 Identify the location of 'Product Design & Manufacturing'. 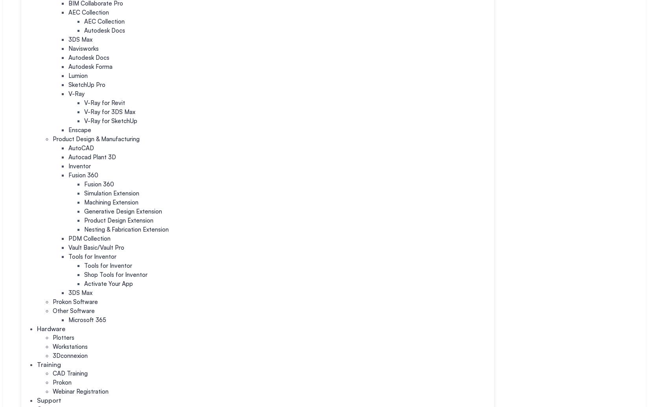
(96, 139).